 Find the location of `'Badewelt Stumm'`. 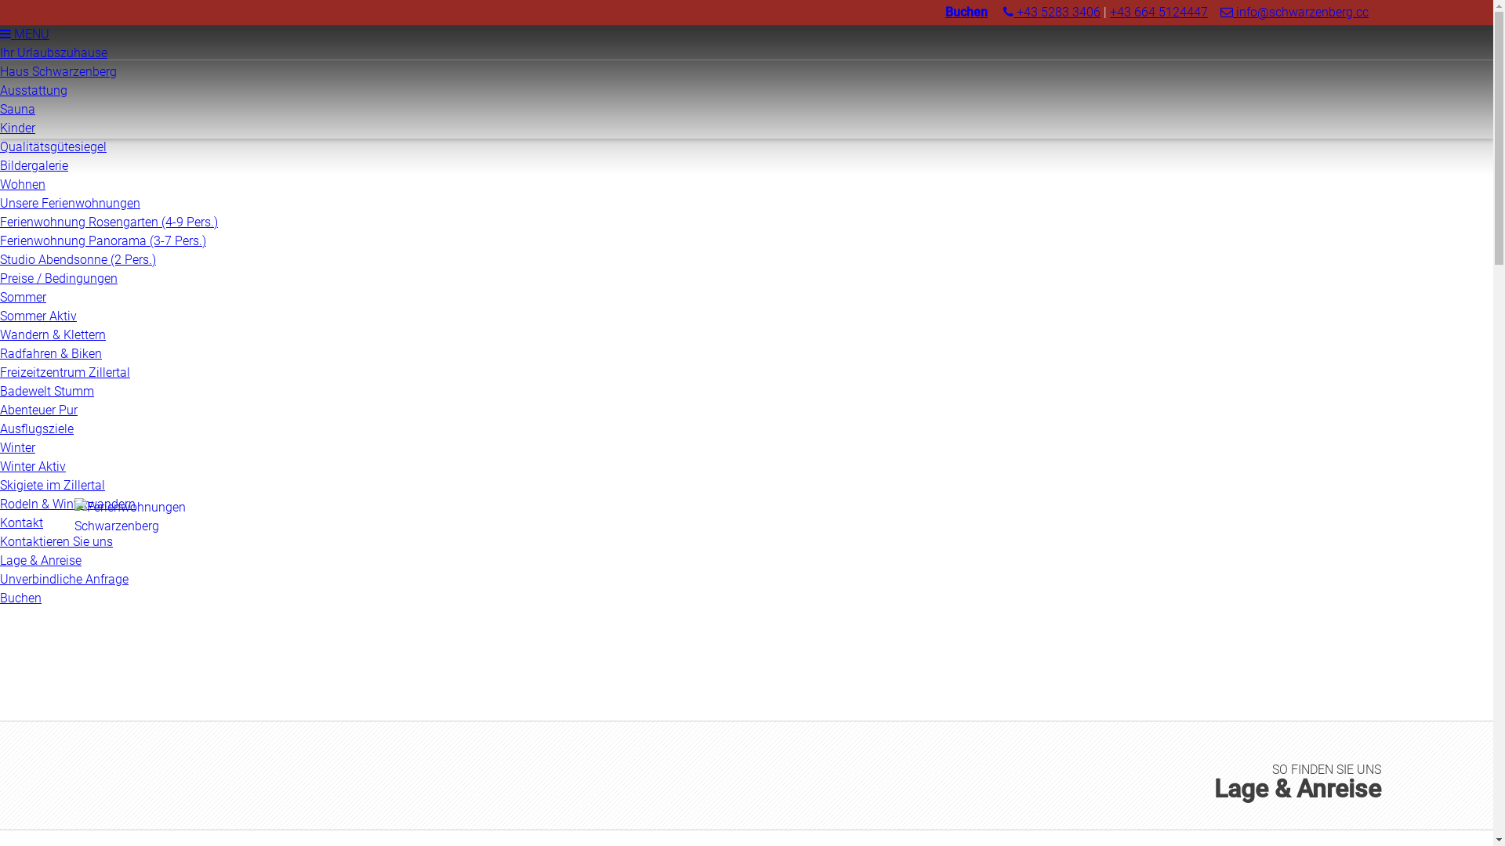

'Badewelt Stumm' is located at coordinates (46, 390).